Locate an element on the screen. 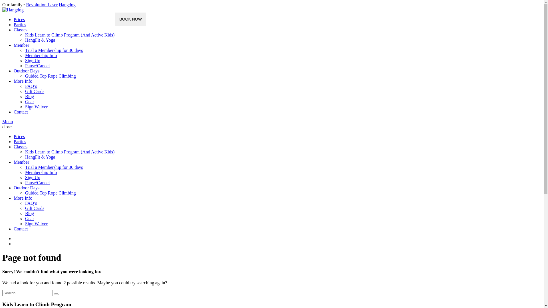 This screenshot has height=308, width=548. 'Revolution Laser' is located at coordinates (42, 5).